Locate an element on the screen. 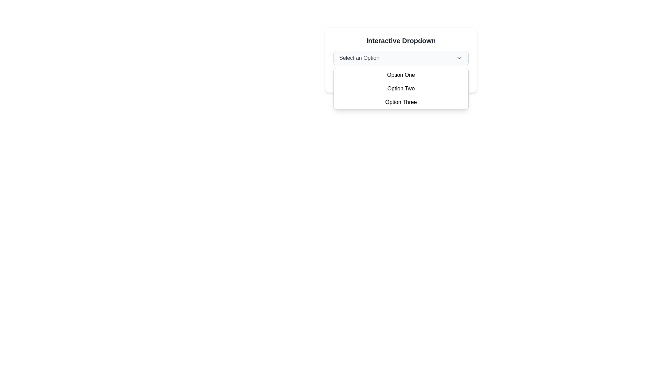 The width and height of the screenshot is (652, 367). the 'Option Two' item in the dropdown menu is located at coordinates (401, 88).